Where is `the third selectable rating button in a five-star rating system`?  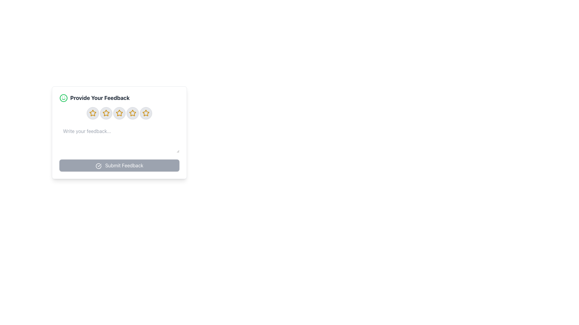
the third selectable rating button in a five-star rating system is located at coordinates (119, 113).